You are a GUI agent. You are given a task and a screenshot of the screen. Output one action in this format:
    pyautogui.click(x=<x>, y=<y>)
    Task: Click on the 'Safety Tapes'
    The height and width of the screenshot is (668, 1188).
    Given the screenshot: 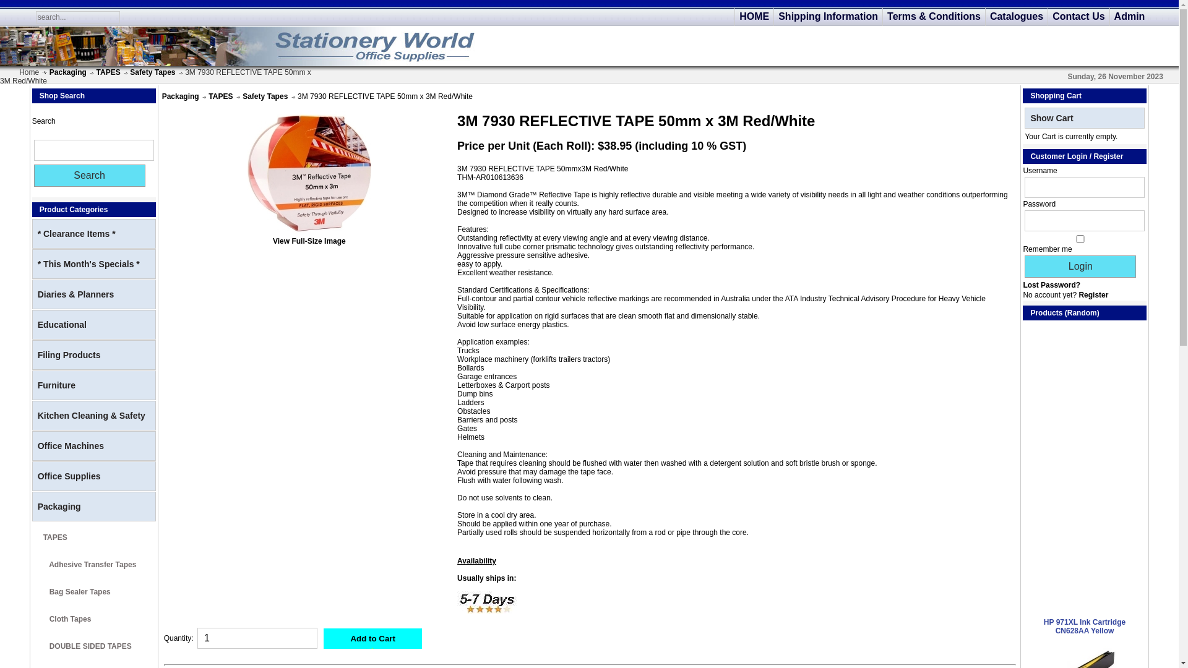 What is the action you would take?
    pyautogui.click(x=264, y=95)
    